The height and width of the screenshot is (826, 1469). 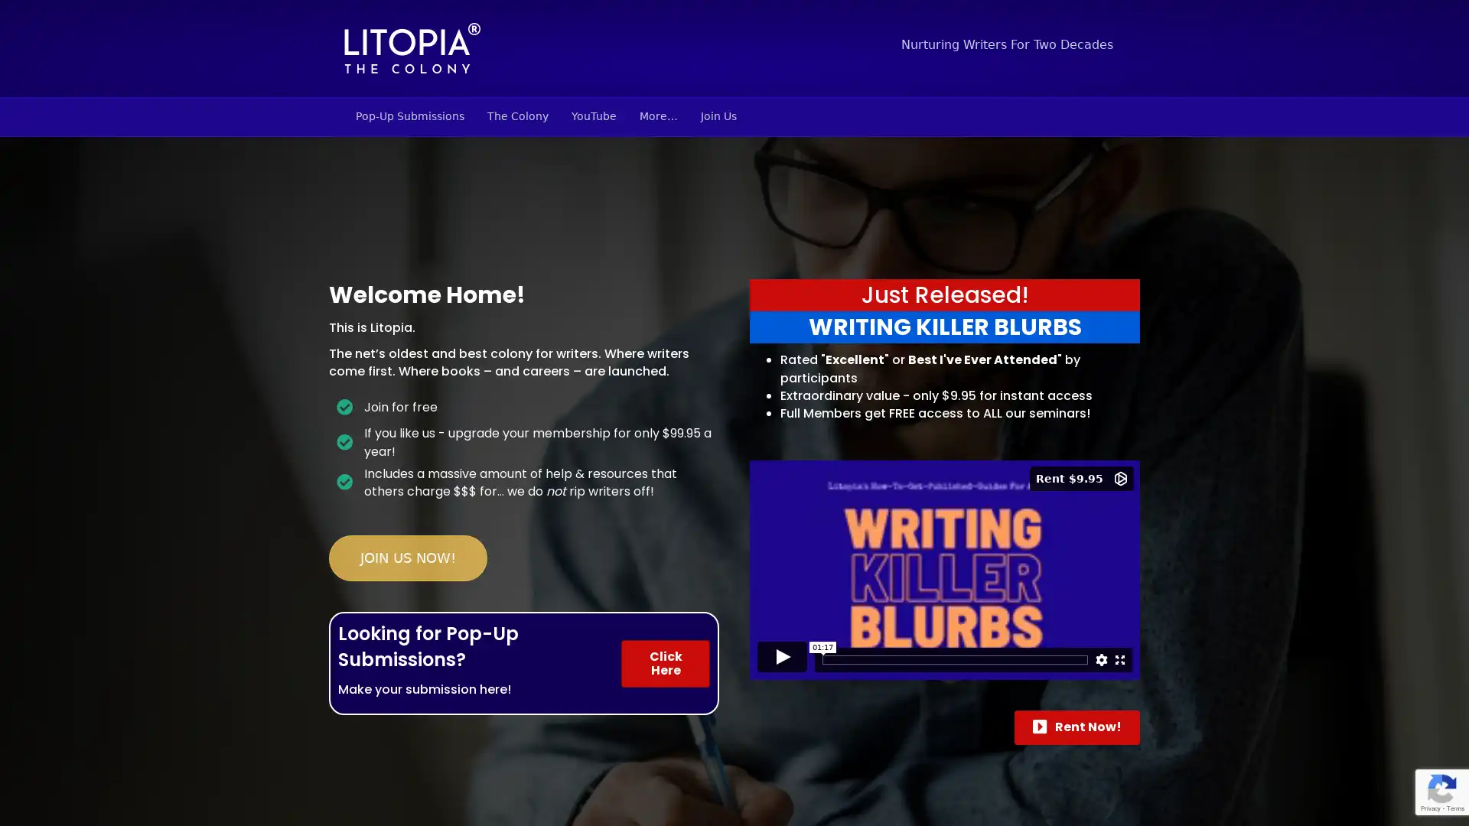 I want to click on Click Here, so click(x=665, y=662).